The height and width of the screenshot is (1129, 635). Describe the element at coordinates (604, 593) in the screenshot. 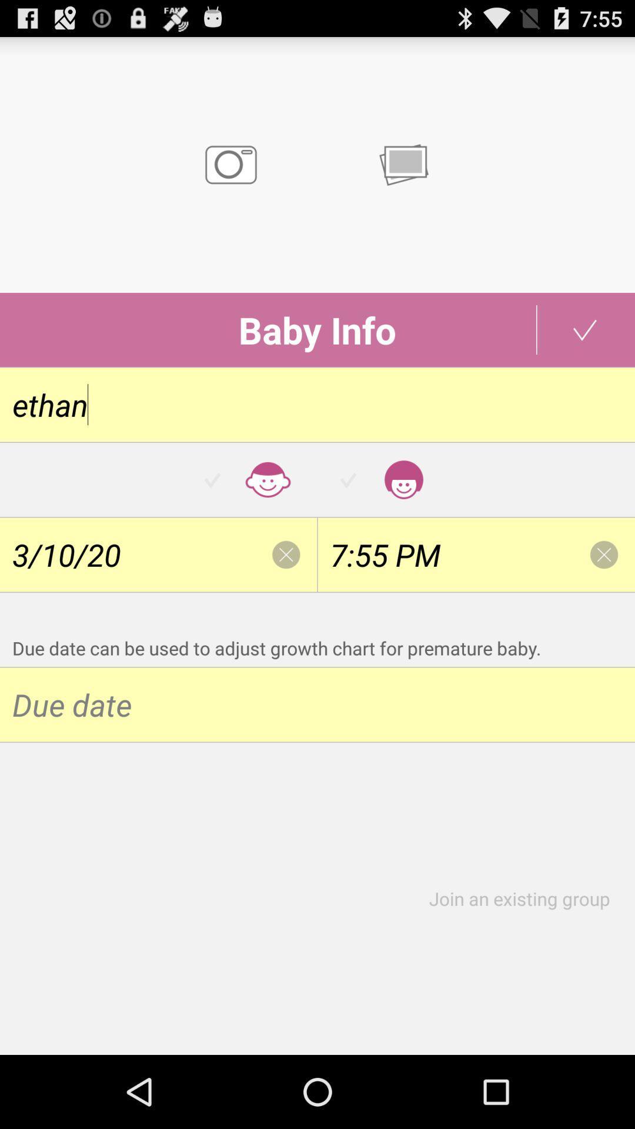

I see `the close icon` at that location.